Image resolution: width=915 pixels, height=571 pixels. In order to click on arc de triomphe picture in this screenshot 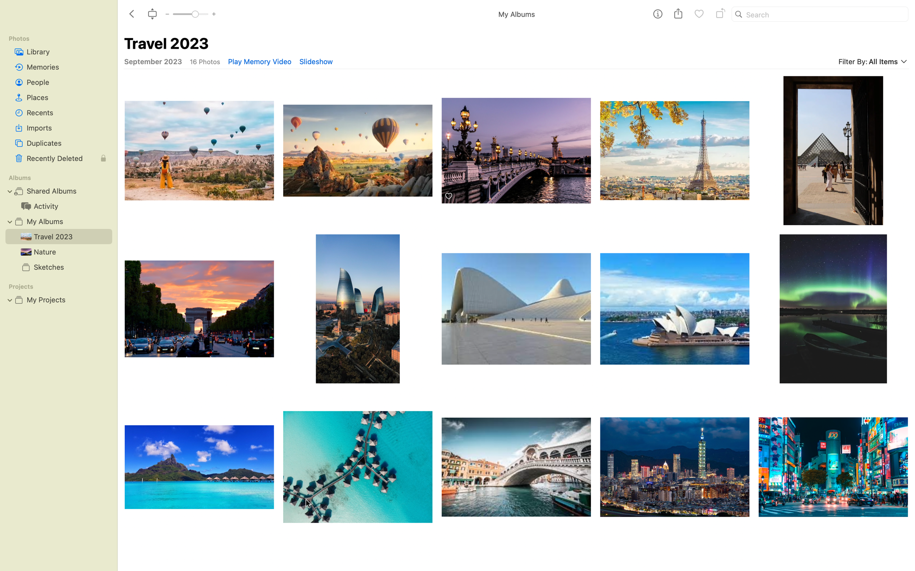, I will do `click(198, 309)`.